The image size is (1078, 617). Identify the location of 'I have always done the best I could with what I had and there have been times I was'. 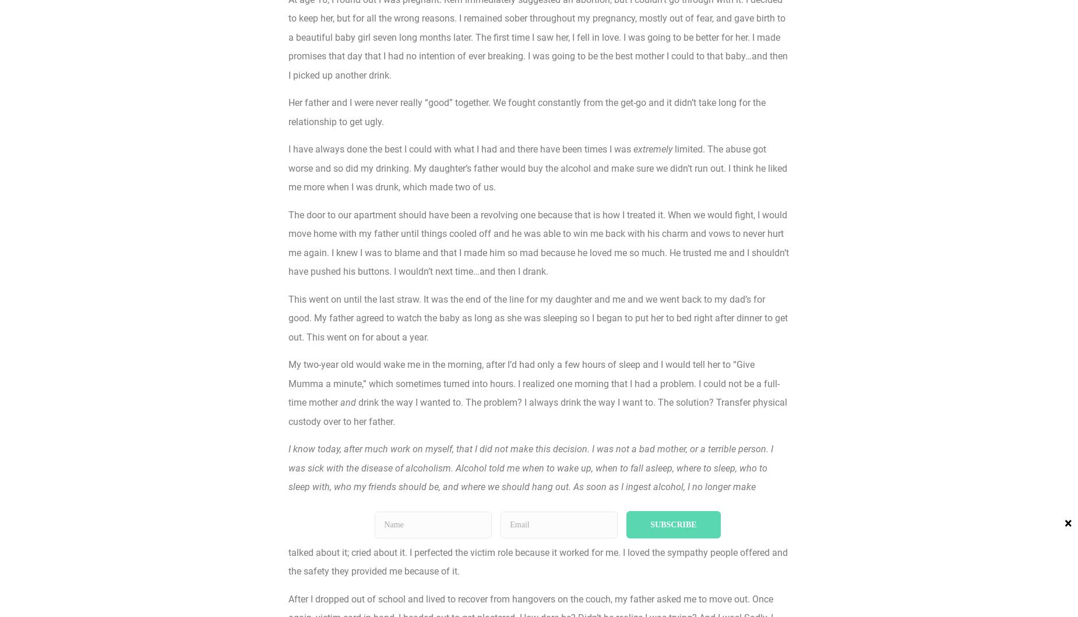
(461, 148).